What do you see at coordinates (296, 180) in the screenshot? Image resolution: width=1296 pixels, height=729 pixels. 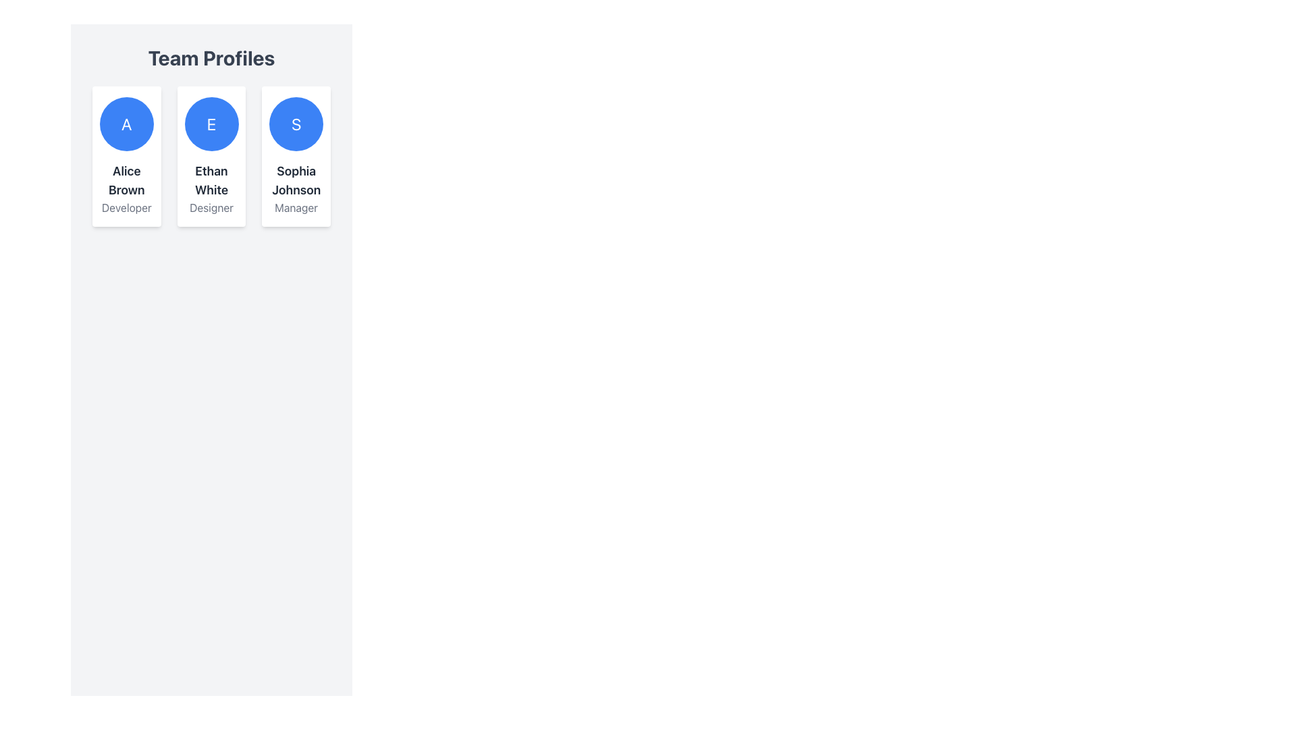 I see `the text label displaying 'Sophia Johnson', which is positioned below an avatar icon and above the title 'Manager'` at bounding box center [296, 180].